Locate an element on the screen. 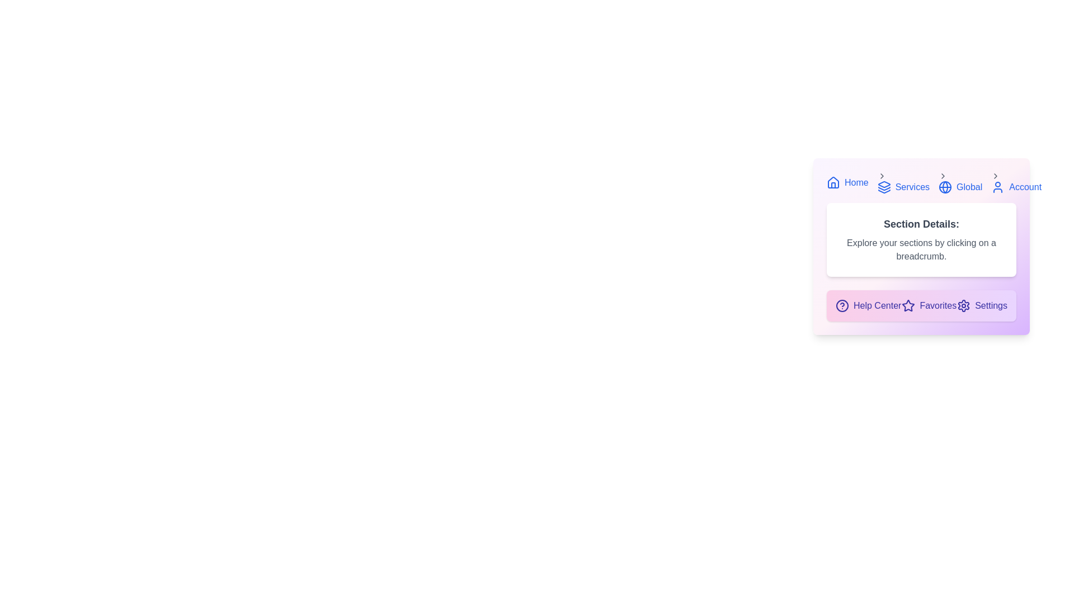  the breadcrumb link labeled 'Account' with blue text and a user icon on its left, located at the top-right corner of the breadcrumb navigation bar is located at coordinates (1016, 182).